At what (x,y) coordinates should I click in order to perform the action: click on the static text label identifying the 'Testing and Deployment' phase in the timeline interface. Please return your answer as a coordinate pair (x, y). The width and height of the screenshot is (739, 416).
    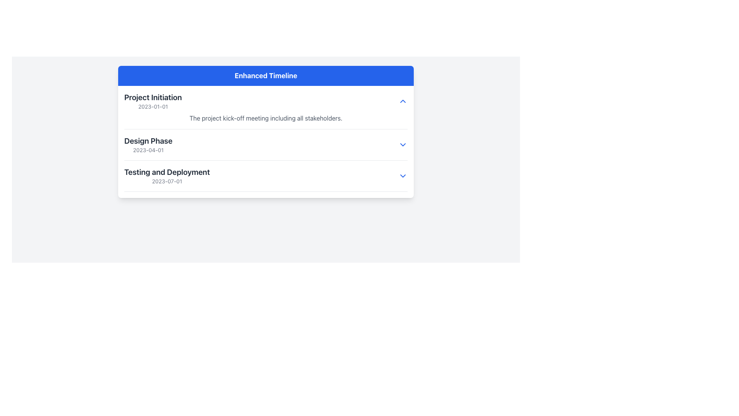
    Looking at the image, I should click on (167, 172).